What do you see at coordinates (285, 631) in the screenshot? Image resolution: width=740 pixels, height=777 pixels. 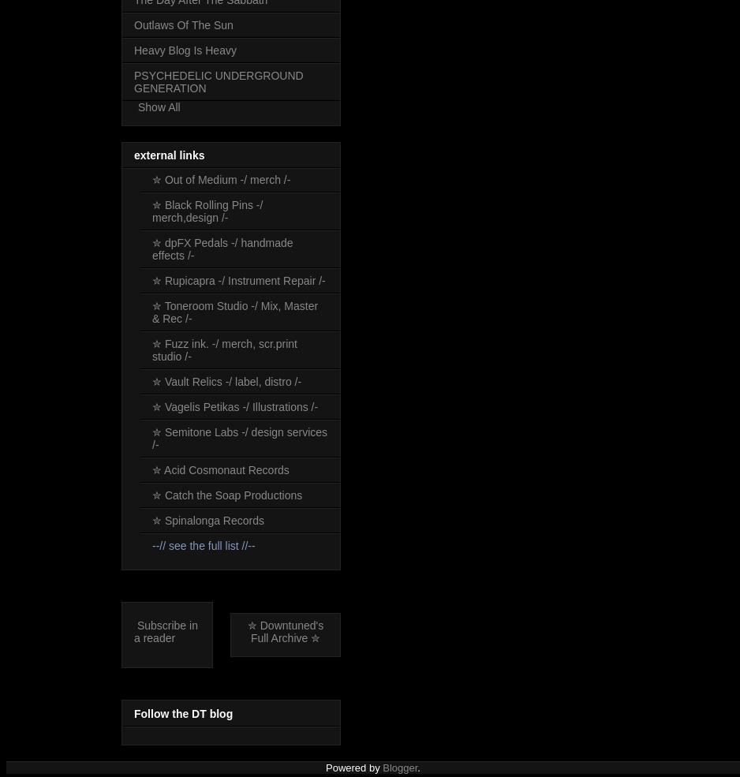 I see `'✮ Downtuned's Full Archive ✮'` at bounding box center [285, 631].